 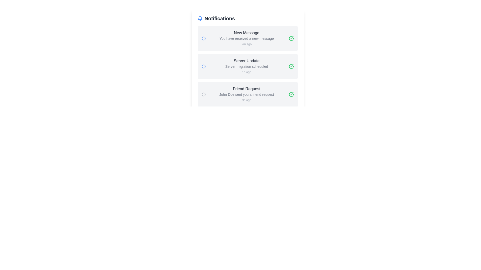 I want to click on the icon indicating the state of the 'Server Update' notification, which is located at the leftmost part of the notification and precedes the text content, so click(x=203, y=66).